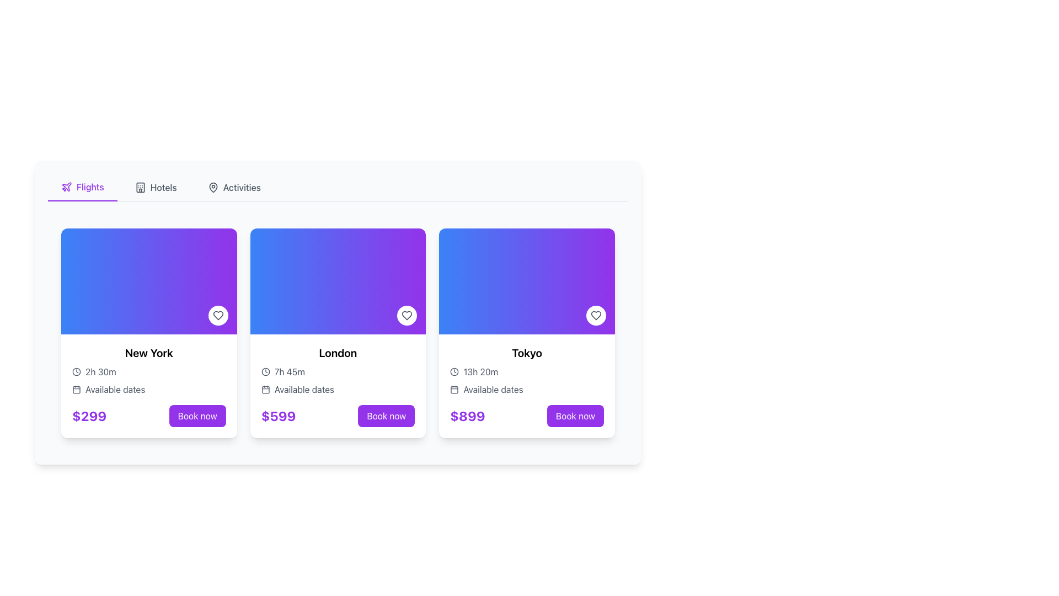  What do you see at coordinates (140, 187) in the screenshot?
I see `the hotel icon located in the navigation bar next to the 'Hotels' text` at bounding box center [140, 187].